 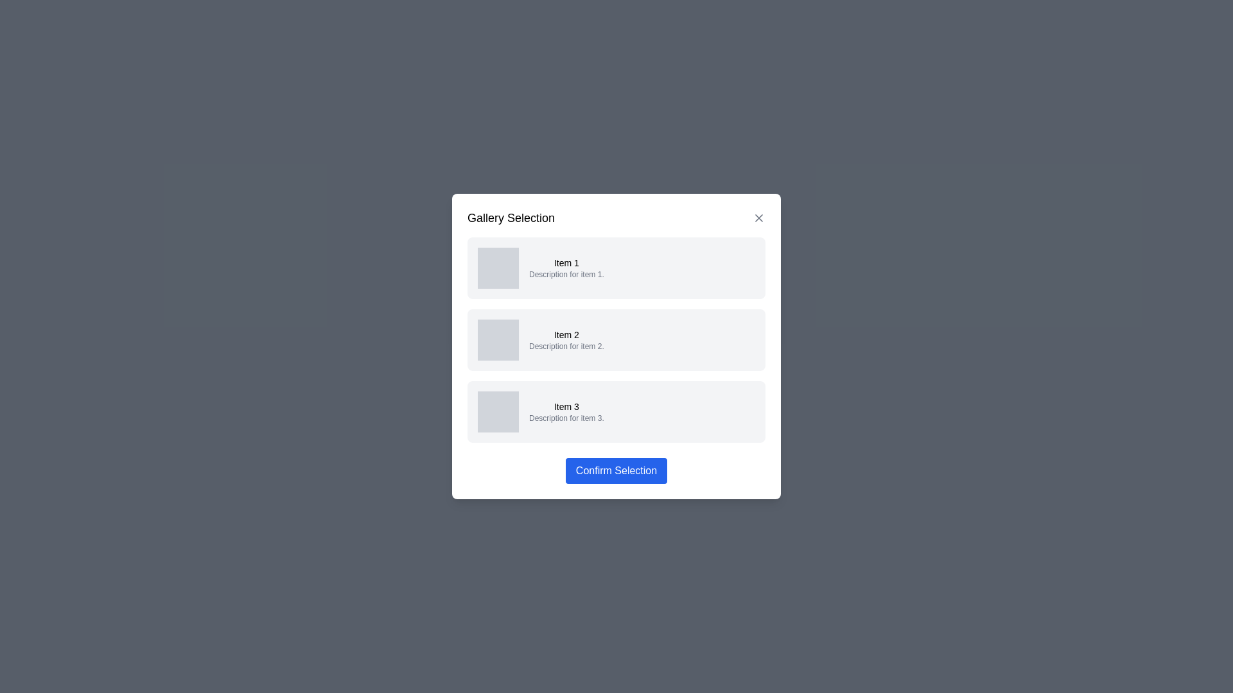 What do you see at coordinates (616, 267) in the screenshot?
I see `the first item in the selection list identified as 'Item 1' within the 'Gallery Selection' modal dialog` at bounding box center [616, 267].